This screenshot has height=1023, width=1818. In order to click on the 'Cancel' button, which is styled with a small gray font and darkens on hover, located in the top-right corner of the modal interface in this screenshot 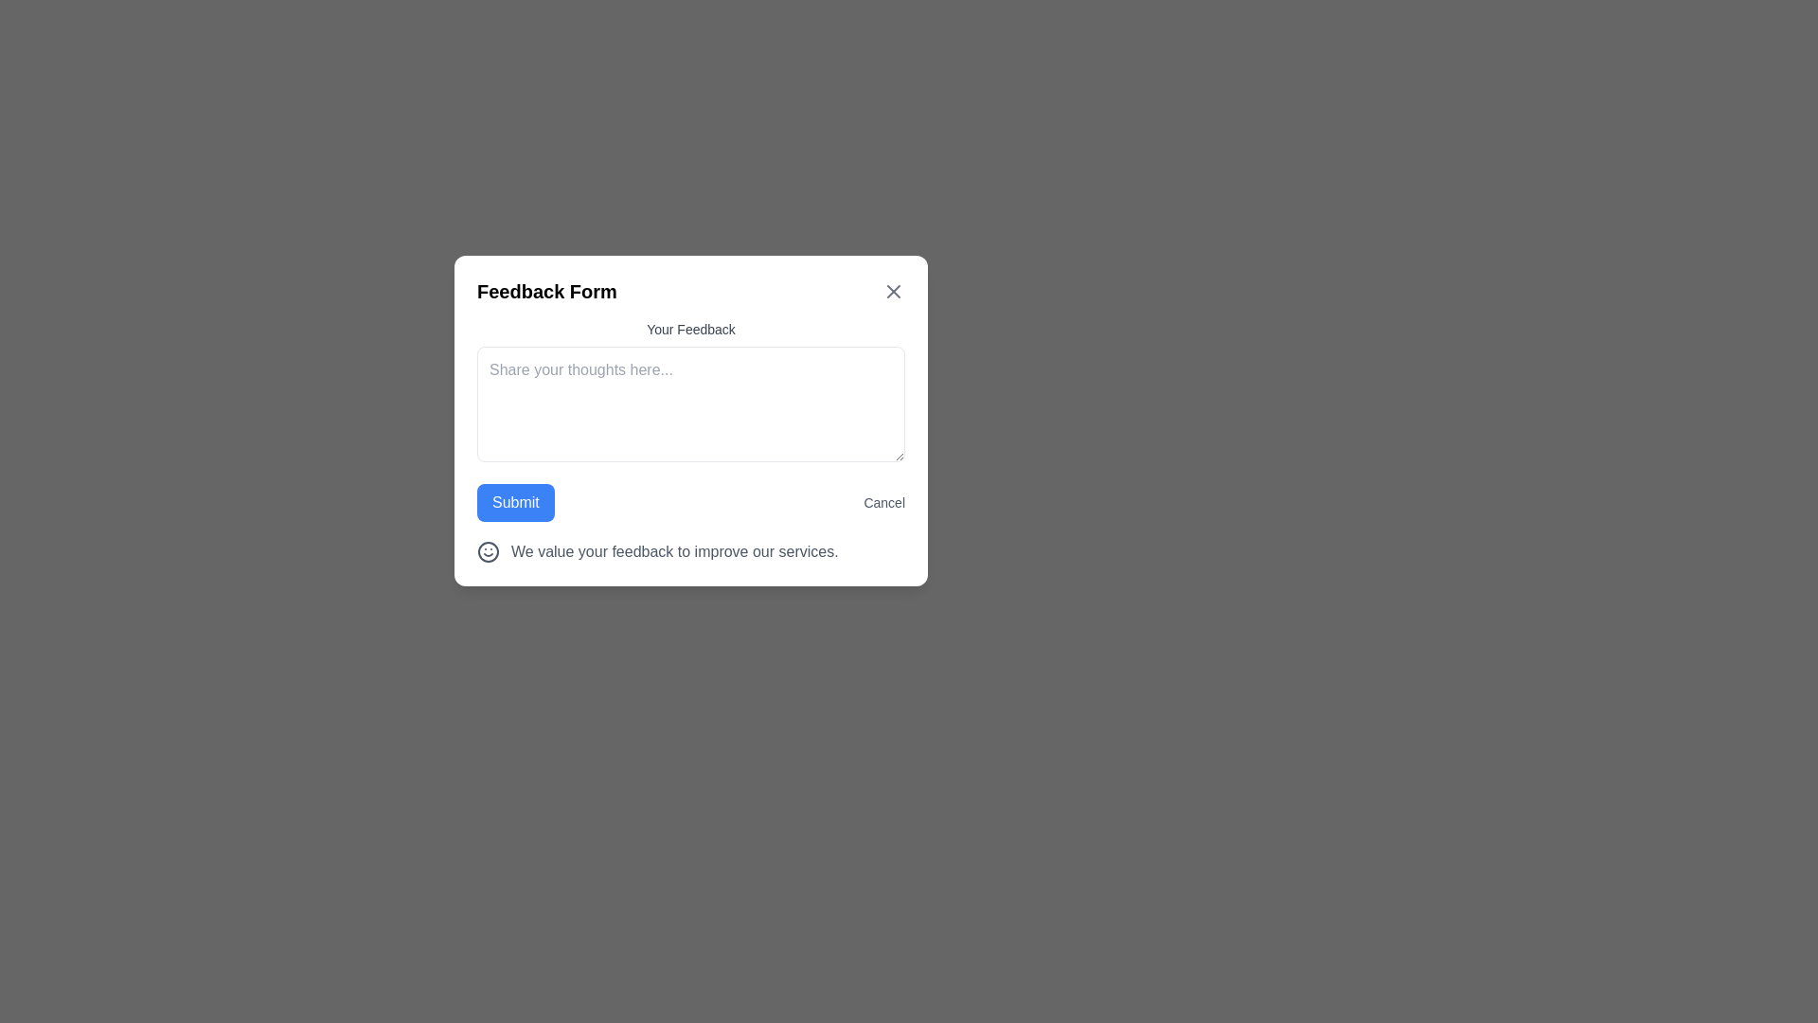, I will do `click(883, 502)`.